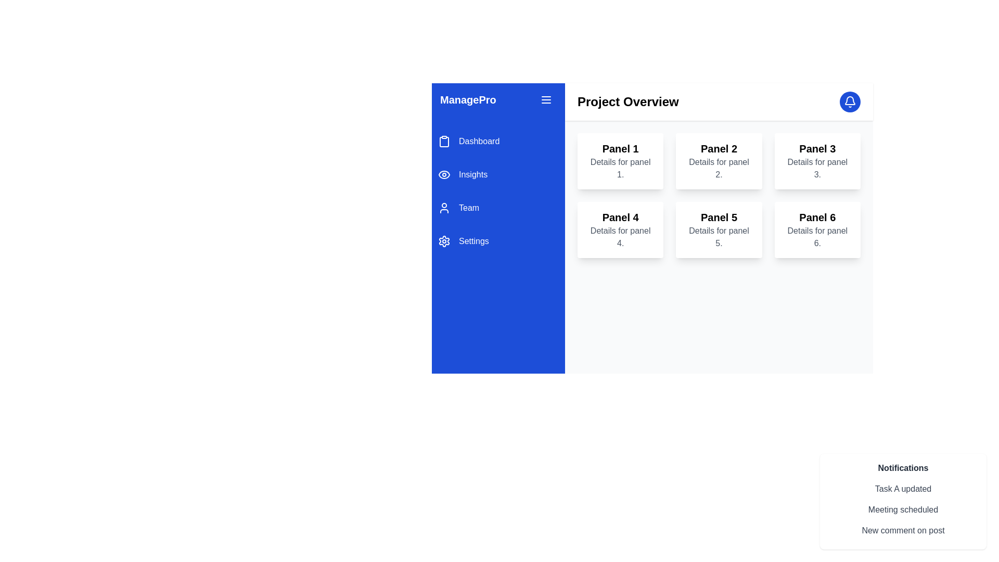  Describe the element at coordinates (498, 208) in the screenshot. I see `the 'Team' button, which is the third menu item` at that location.